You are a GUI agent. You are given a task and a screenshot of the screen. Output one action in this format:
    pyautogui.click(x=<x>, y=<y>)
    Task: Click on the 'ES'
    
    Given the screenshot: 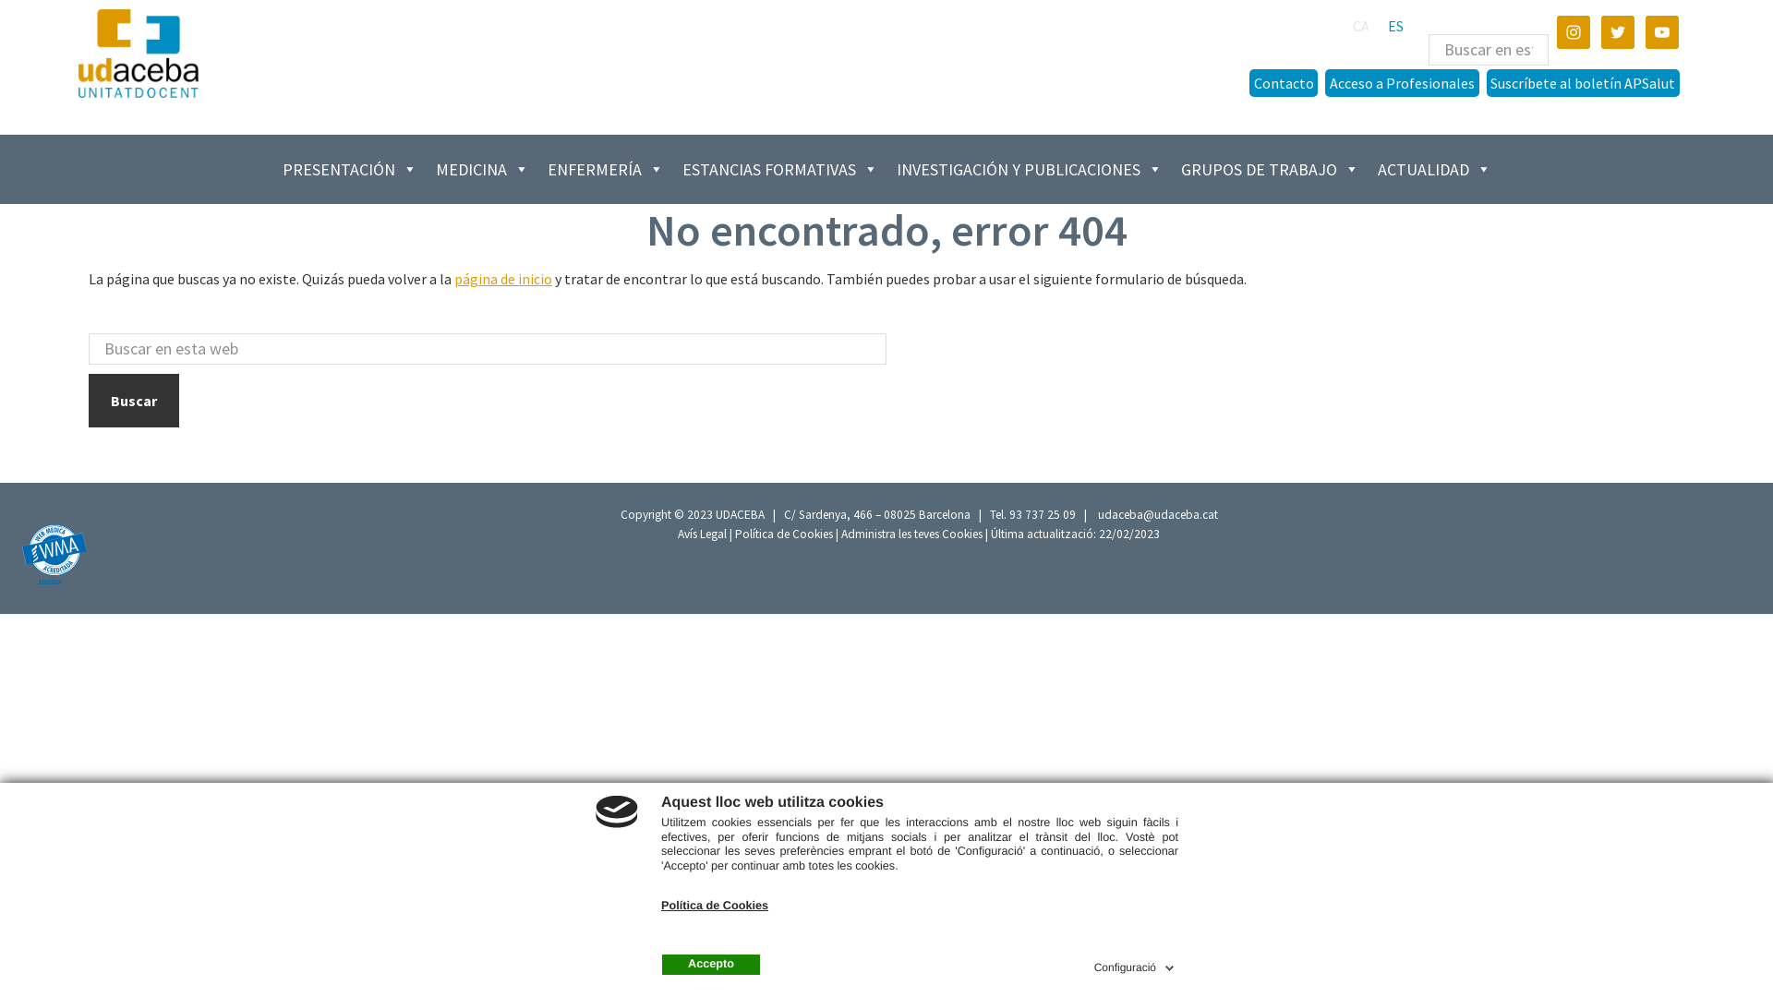 What is the action you would take?
    pyautogui.click(x=1395, y=25)
    